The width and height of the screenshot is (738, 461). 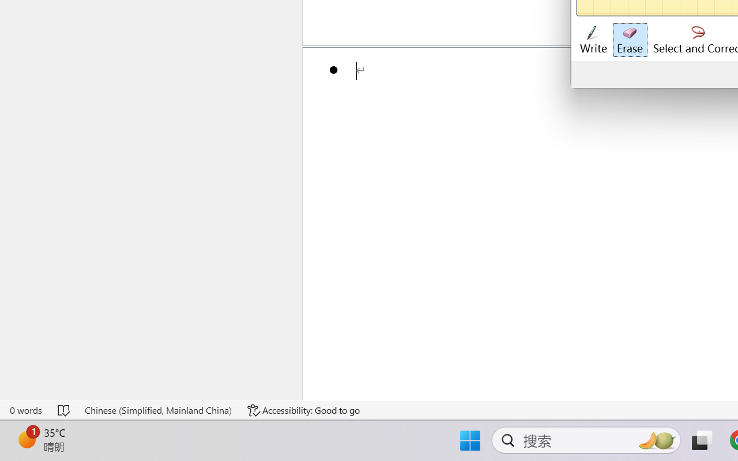 What do you see at coordinates (593, 40) in the screenshot?
I see `'Write'` at bounding box center [593, 40].